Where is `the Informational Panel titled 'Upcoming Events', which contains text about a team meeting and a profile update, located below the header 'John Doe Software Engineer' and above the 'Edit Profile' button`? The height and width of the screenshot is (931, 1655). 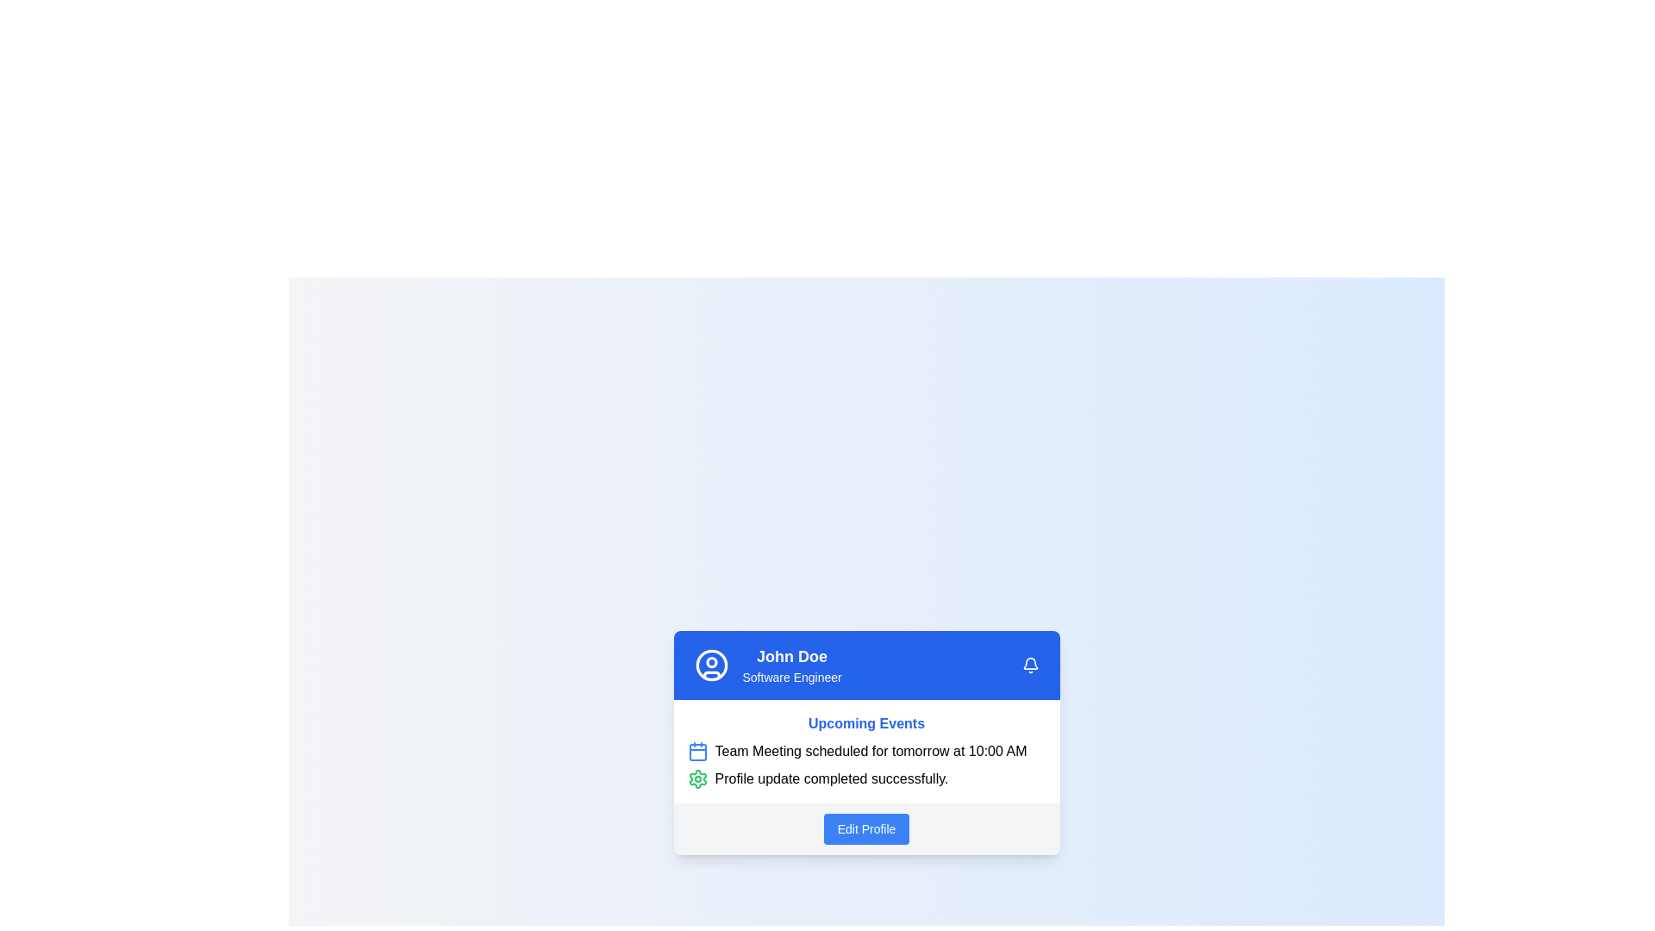 the Informational Panel titled 'Upcoming Events', which contains text about a team meeting and a profile update, located below the header 'John Doe Software Engineer' and above the 'Edit Profile' button is located at coordinates (866, 750).